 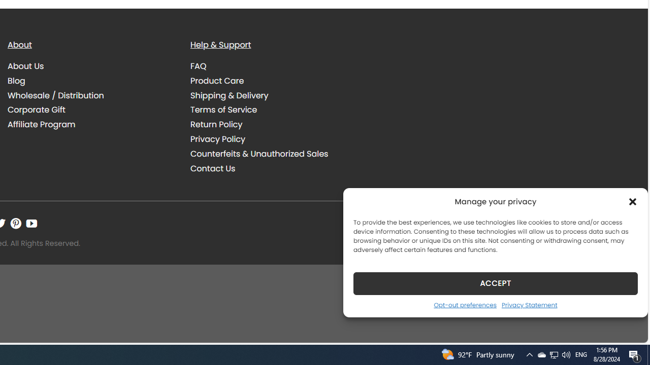 I want to click on 'Wholesale / Distribution', so click(x=91, y=95).